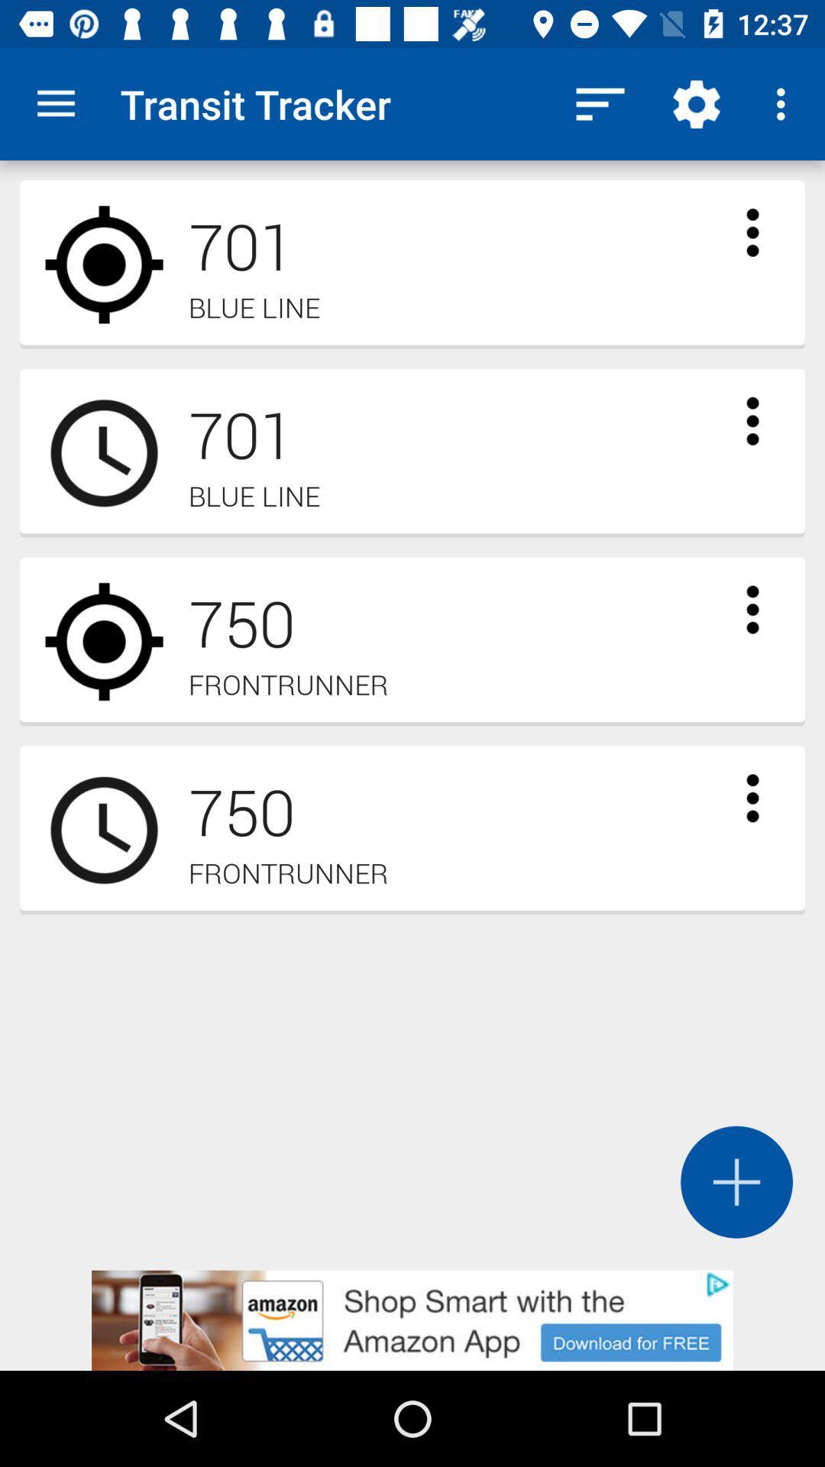 The image size is (825, 1467). I want to click on open frontrunner menu, so click(752, 608).